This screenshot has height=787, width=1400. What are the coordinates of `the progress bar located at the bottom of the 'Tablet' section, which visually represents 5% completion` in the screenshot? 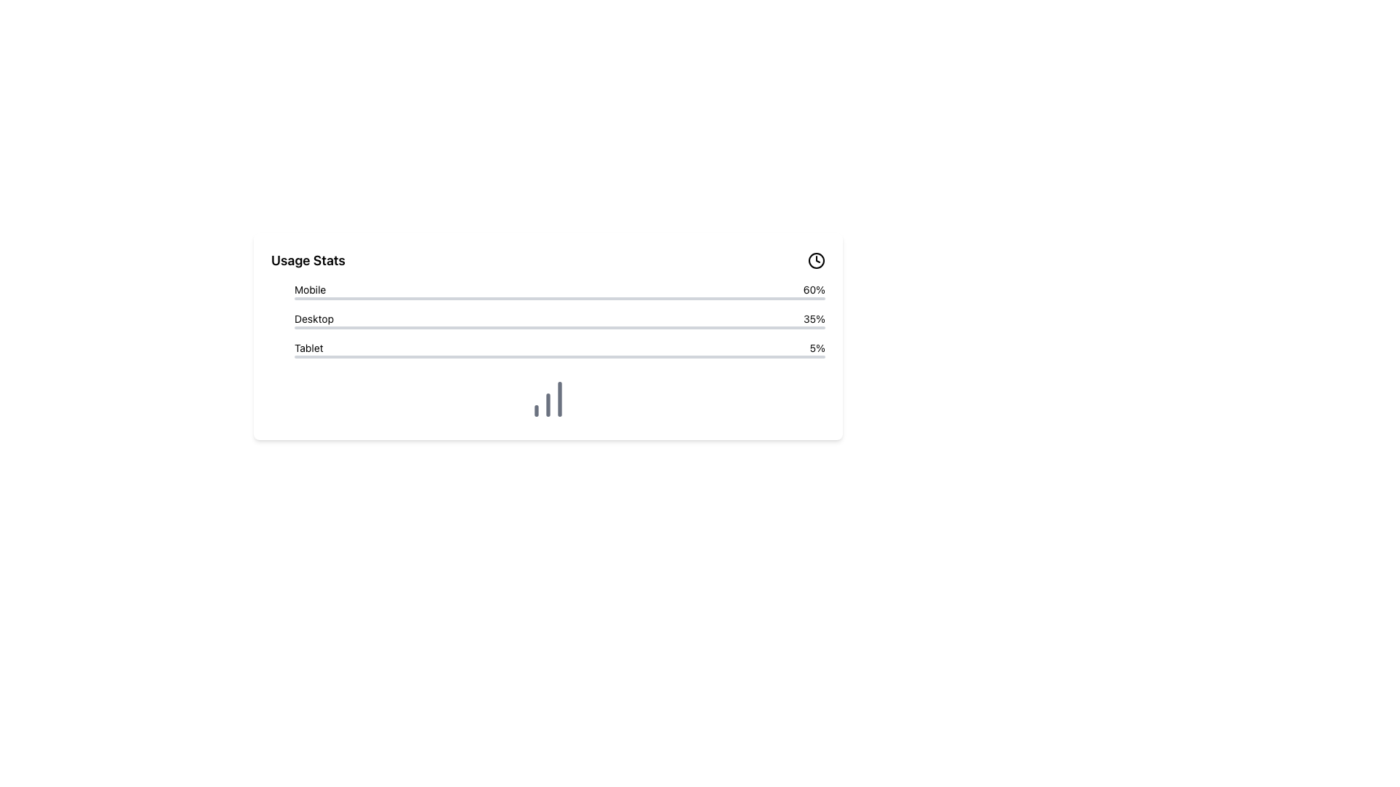 It's located at (559, 356).